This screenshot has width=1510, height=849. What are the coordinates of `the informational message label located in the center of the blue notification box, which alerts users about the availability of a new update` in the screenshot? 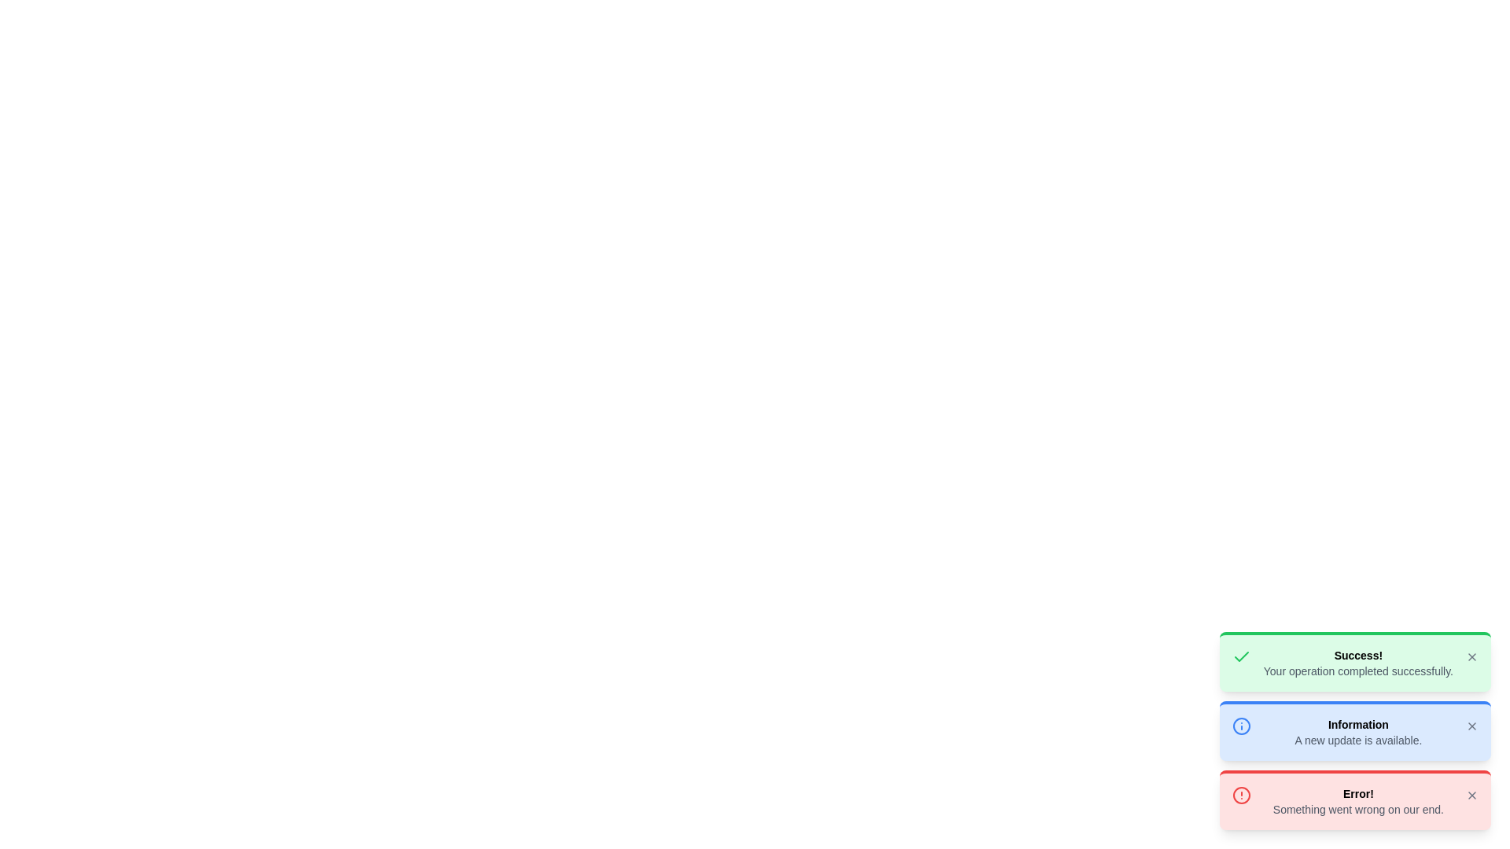 It's located at (1357, 733).